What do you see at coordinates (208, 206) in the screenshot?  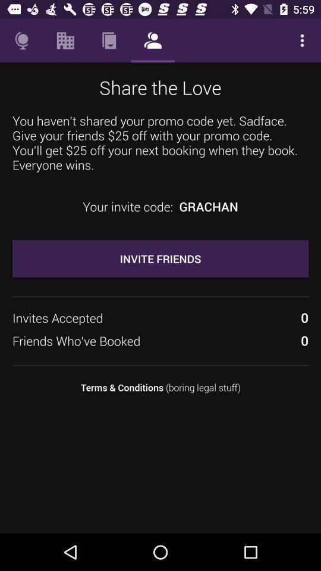 I see `the item below you haven t item` at bounding box center [208, 206].